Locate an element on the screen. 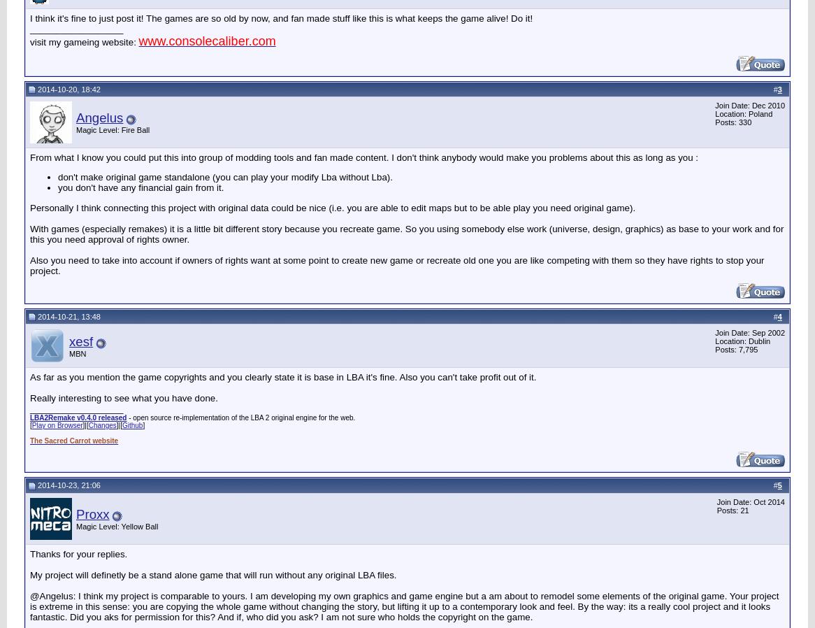 The height and width of the screenshot is (628, 815). 'you don't have any financial gain from it.' is located at coordinates (140, 187).